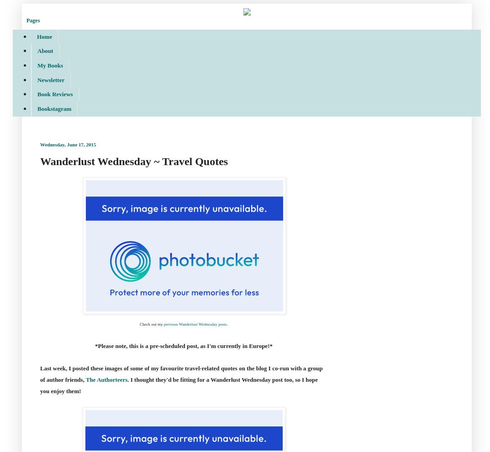  I want to click on 'Pages', so click(33, 20).